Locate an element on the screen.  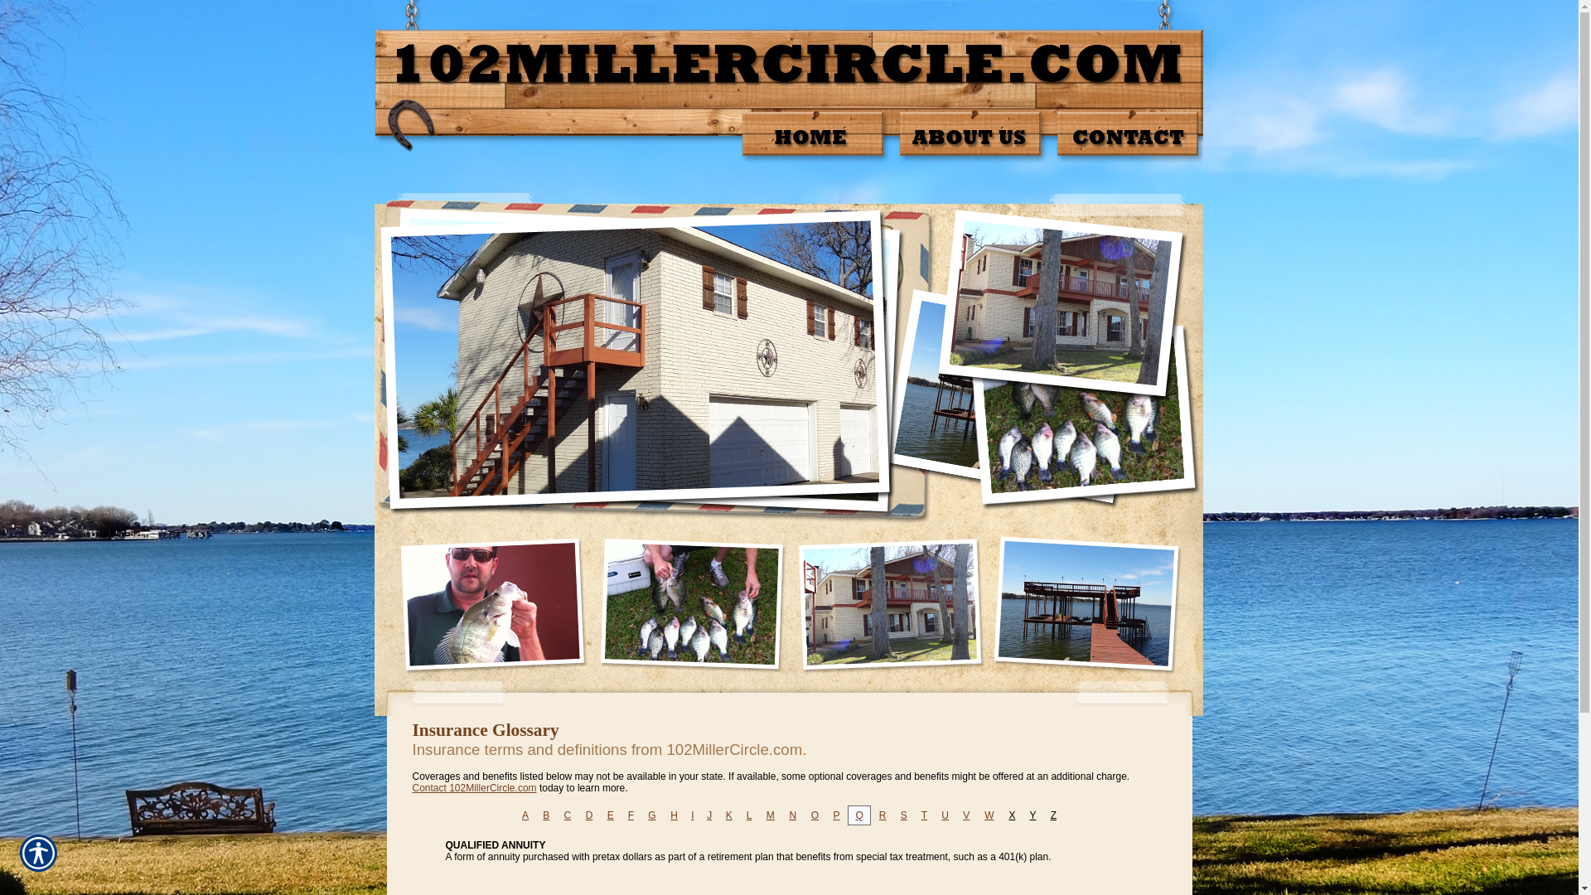
'F' is located at coordinates (630, 814).